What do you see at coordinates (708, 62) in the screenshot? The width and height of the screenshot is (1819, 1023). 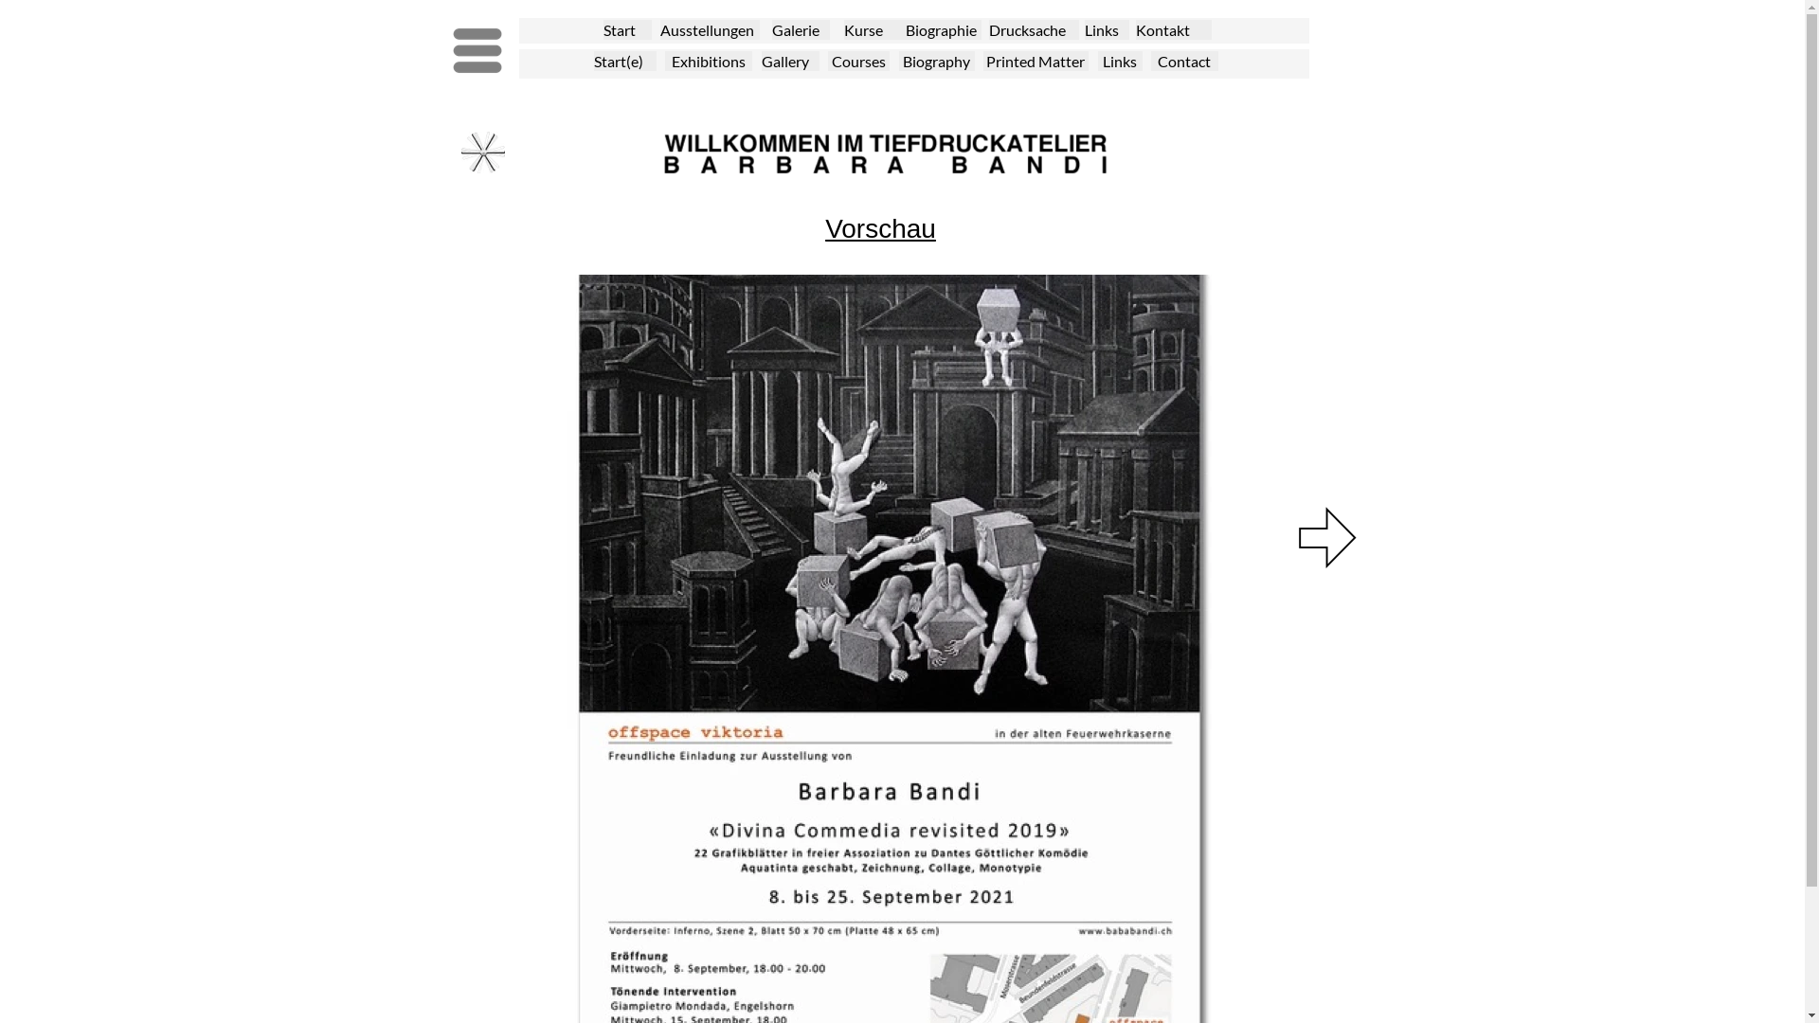 I see `'Exhibitions'` at bounding box center [708, 62].